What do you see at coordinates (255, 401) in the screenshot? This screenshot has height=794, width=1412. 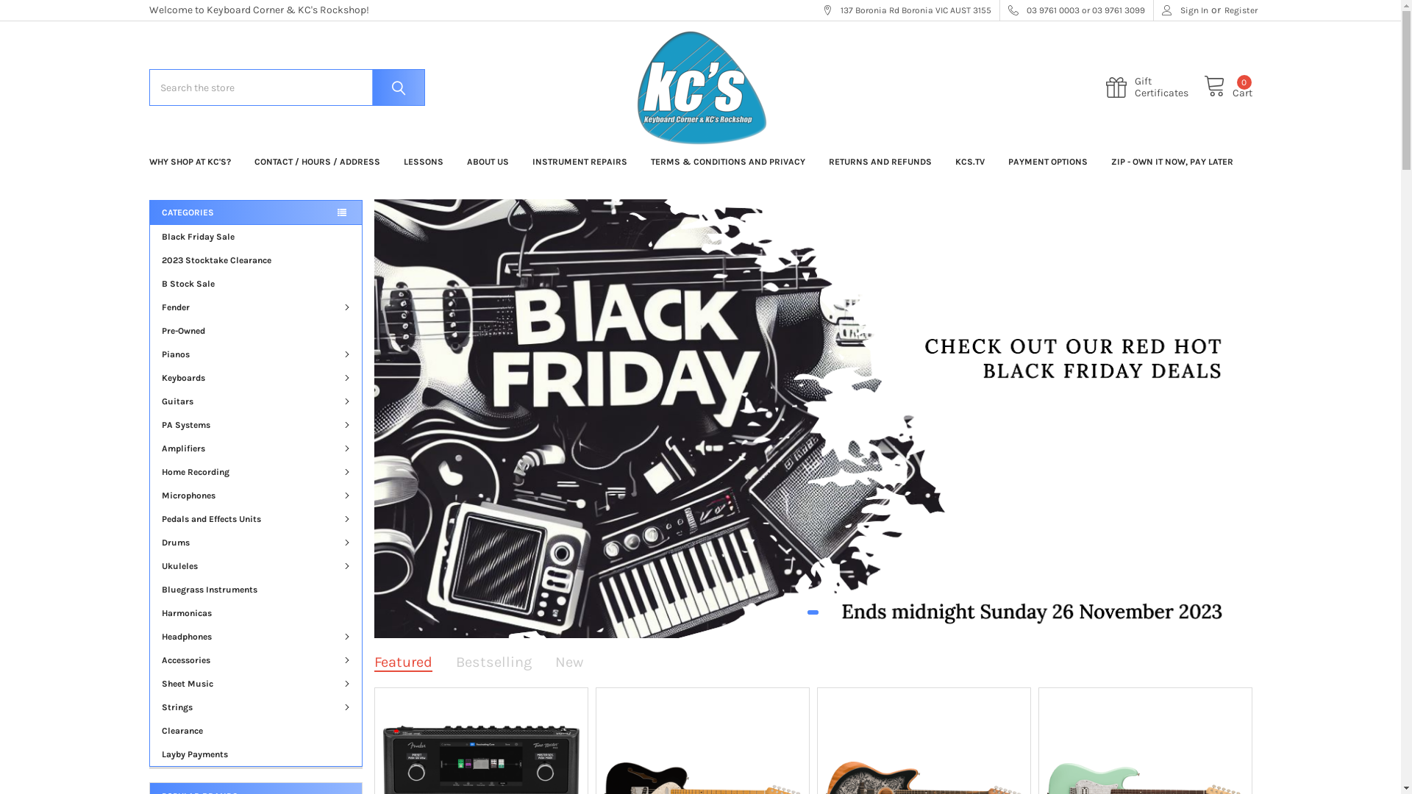 I see `'Guitars'` at bounding box center [255, 401].